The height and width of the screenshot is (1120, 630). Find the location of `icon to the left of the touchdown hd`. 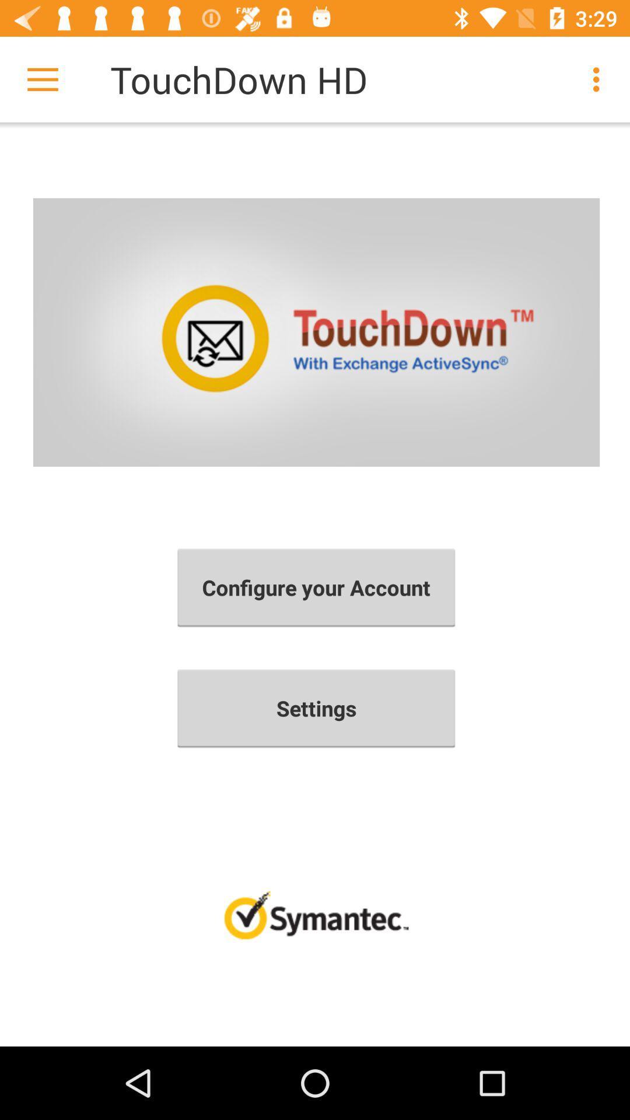

icon to the left of the touchdown hd is located at coordinates (42, 79).